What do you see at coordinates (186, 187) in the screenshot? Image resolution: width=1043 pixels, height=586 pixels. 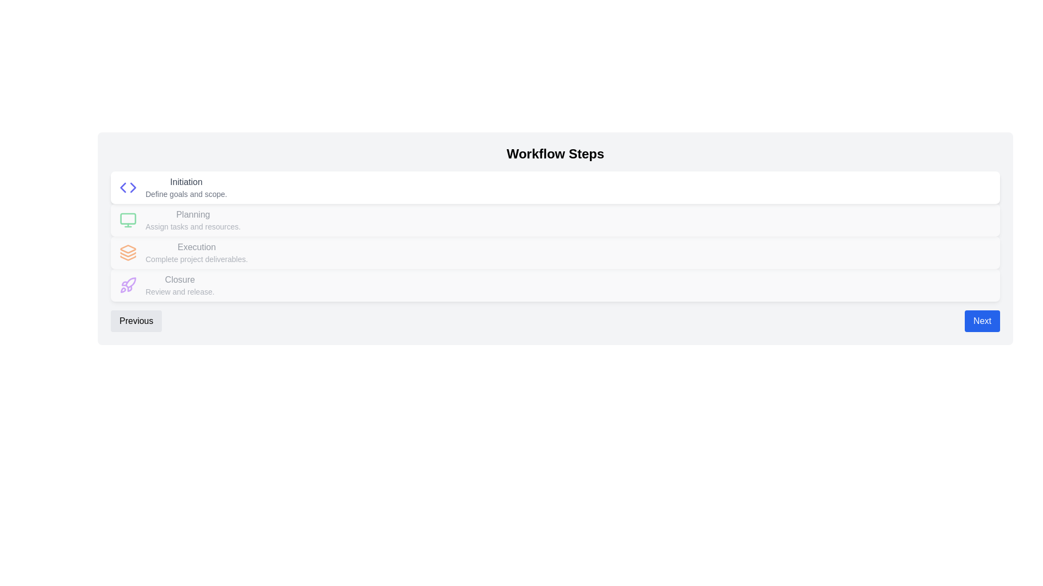 I see `the Informational Text Block labeled 'Initiation' which contains the text 'Define goals and scope.'` at bounding box center [186, 187].